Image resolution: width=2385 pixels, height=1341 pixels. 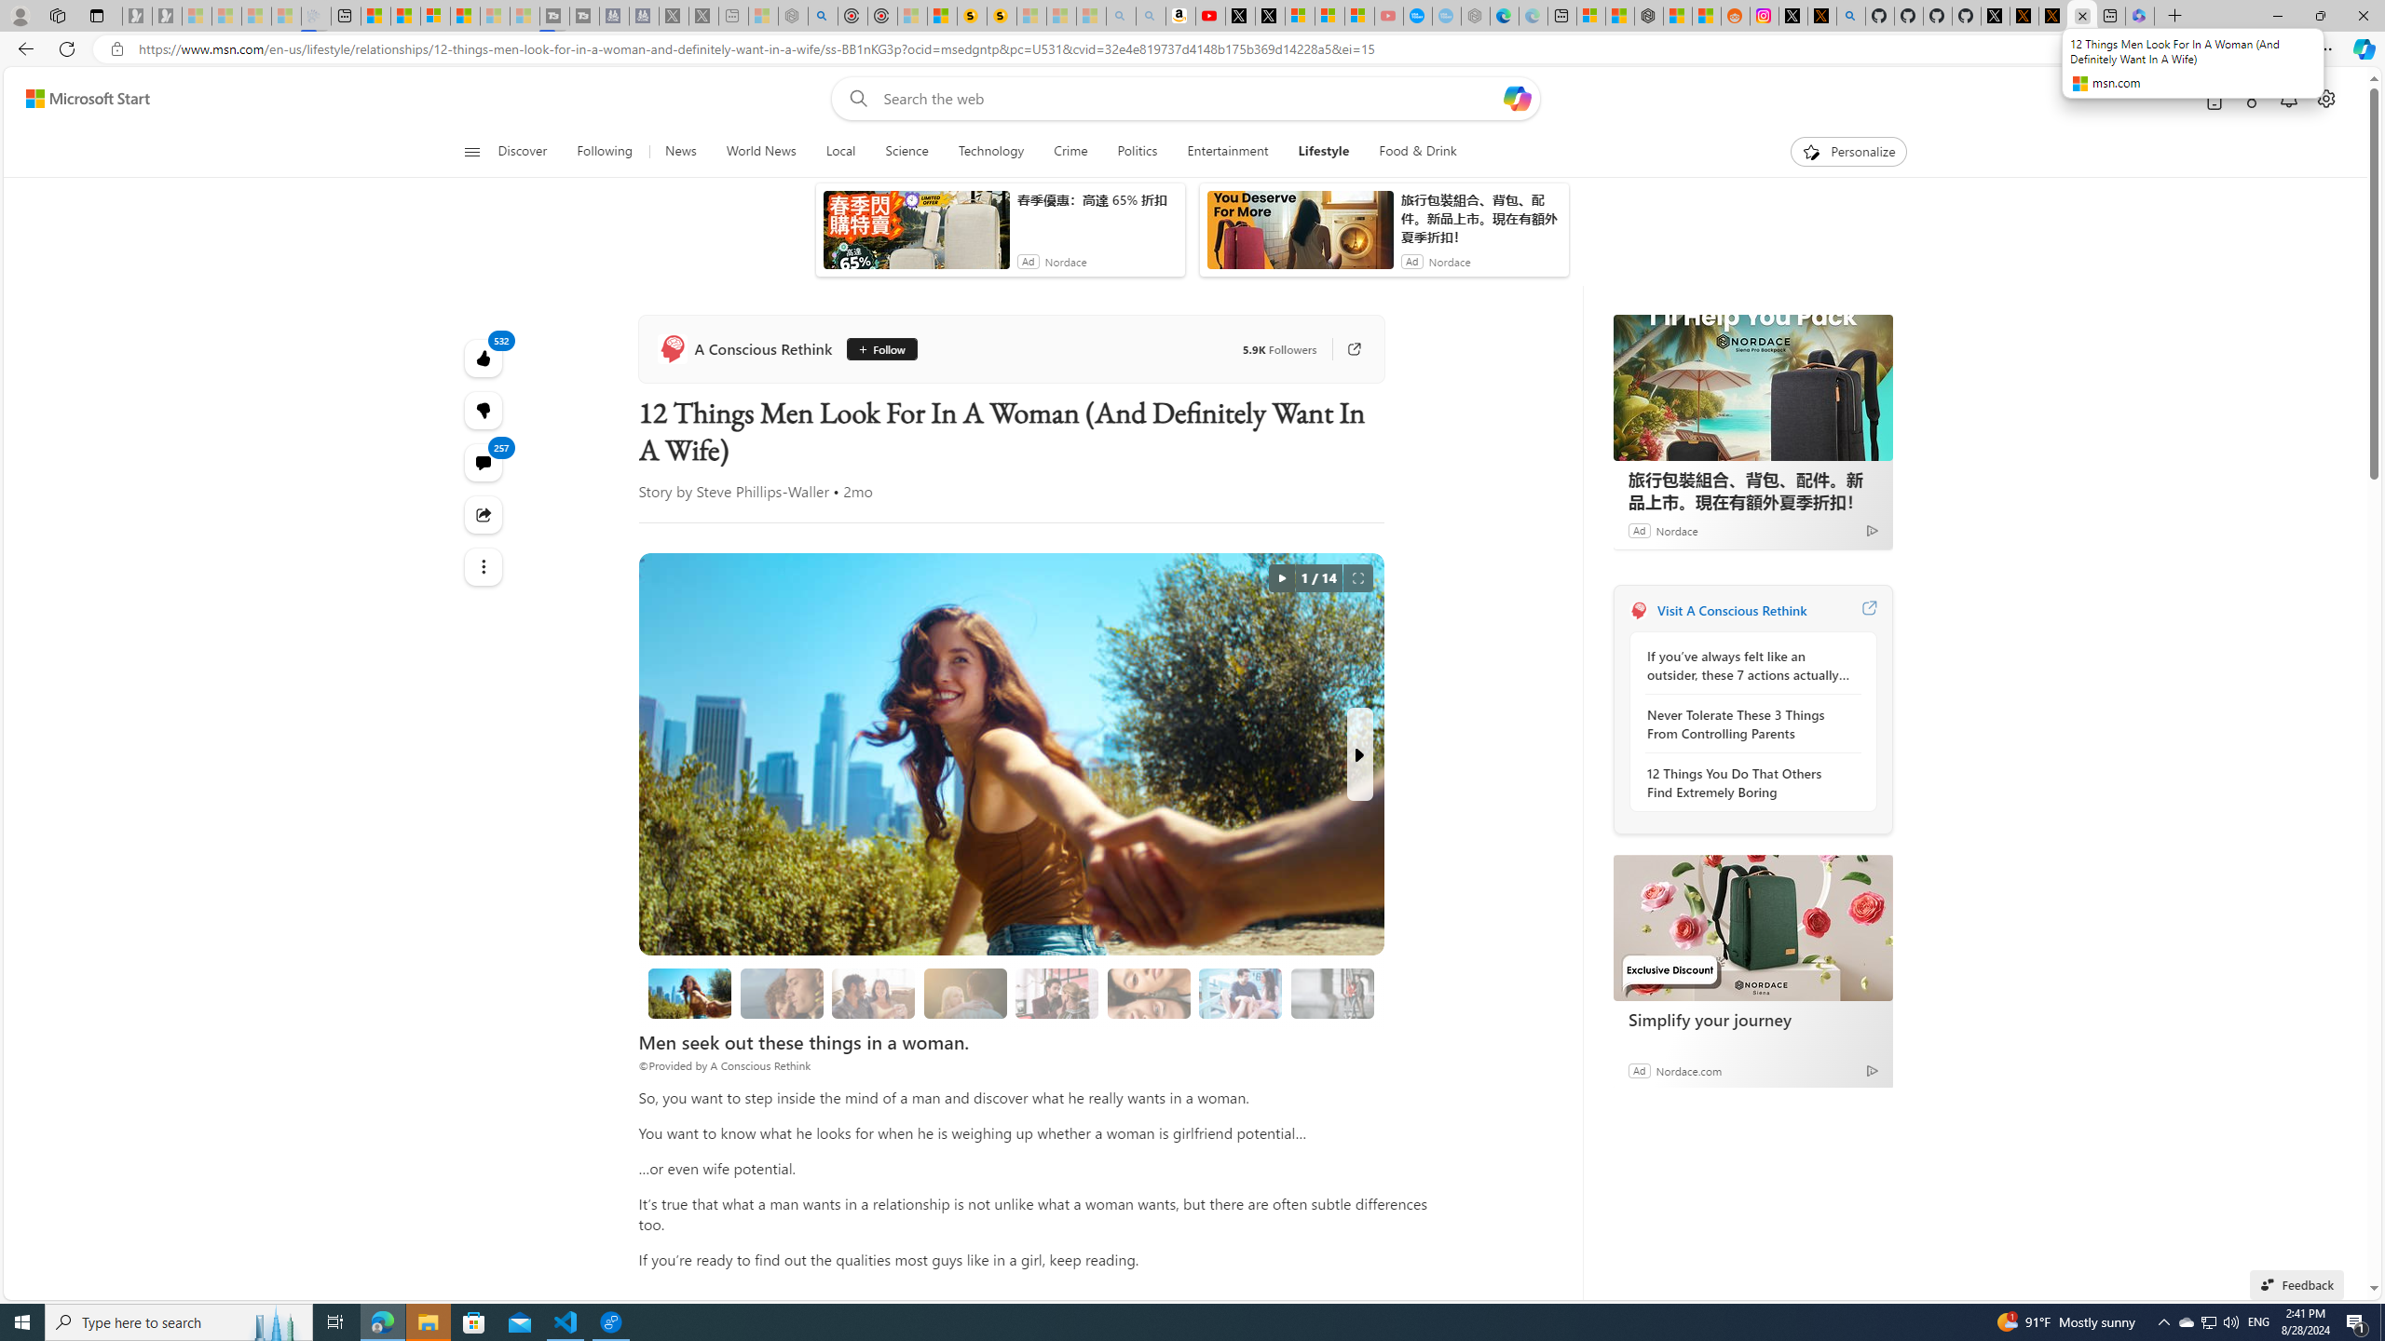 I want to click on 'help.x.com | 524: A timeout occurred', so click(x=1820, y=15).